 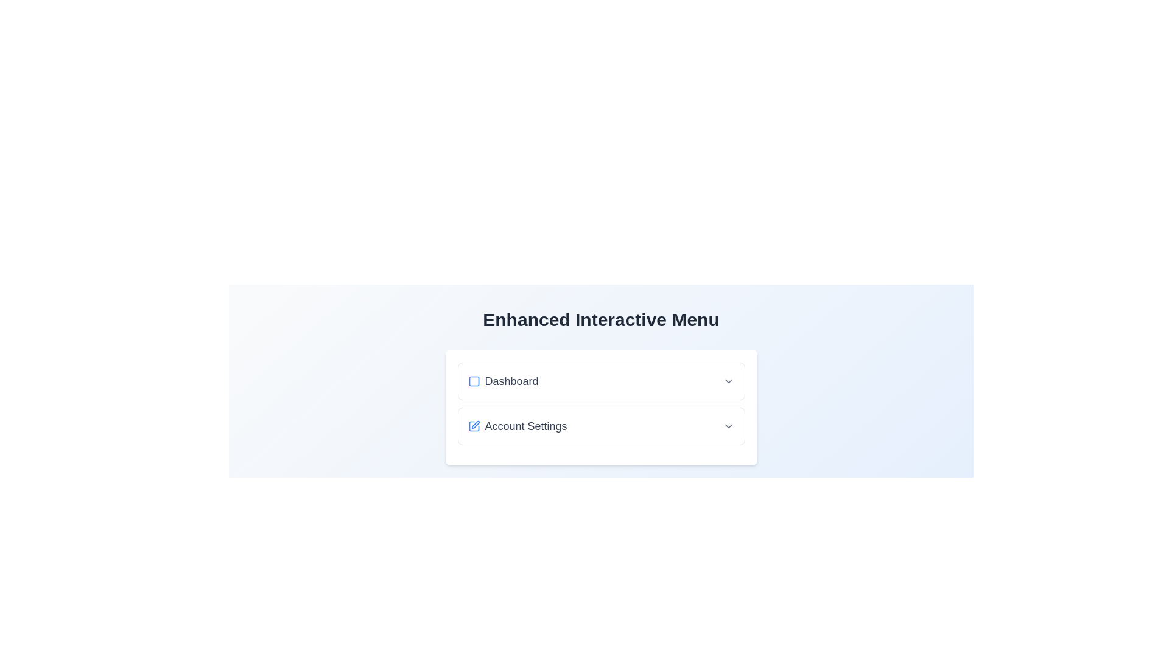 What do you see at coordinates (473, 381) in the screenshot?
I see `the small square-shaped icon with rounded corners and a blue outline, located next to the 'Dashboard' label in the menu interface` at bounding box center [473, 381].